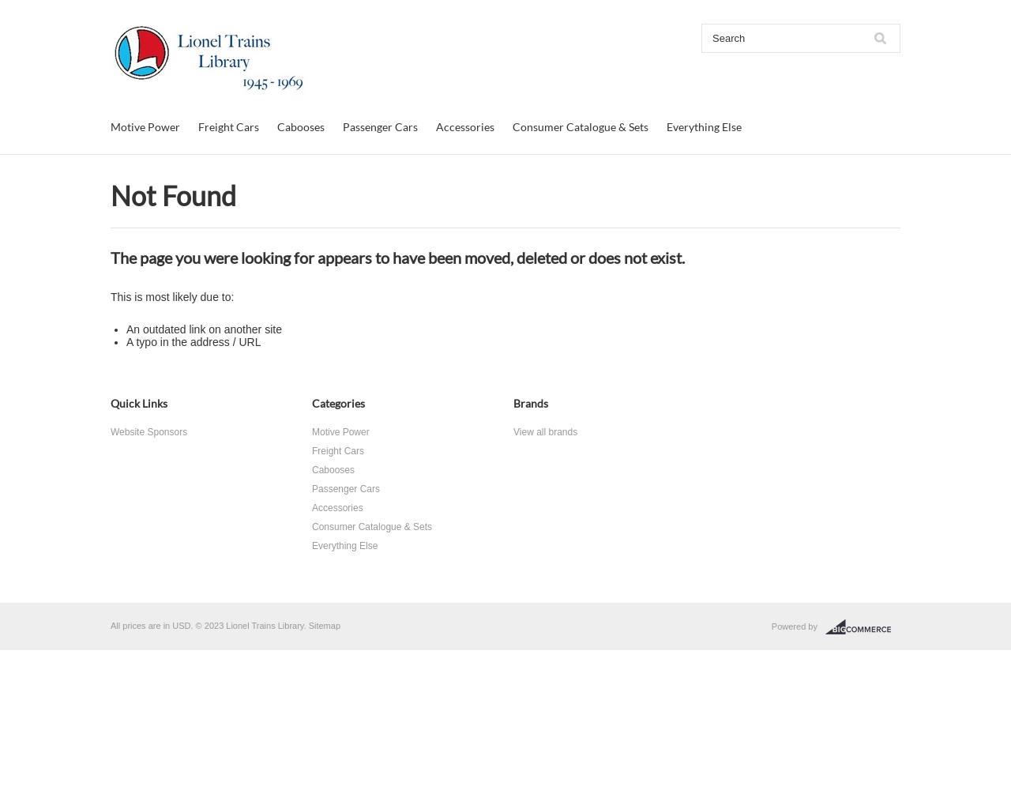 This screenshot has height=790, width=1011. Describe the element at coordinates (301, 126) in the screenshot. I see `'Cabooses'` at that location.